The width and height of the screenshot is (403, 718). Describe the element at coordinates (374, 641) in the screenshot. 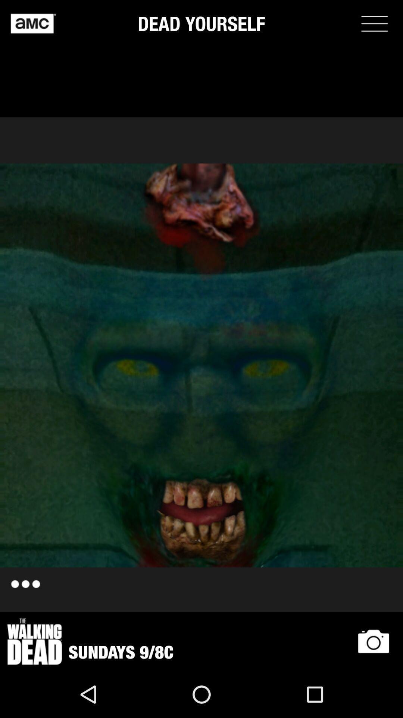

I see `the photo icon` at that location.